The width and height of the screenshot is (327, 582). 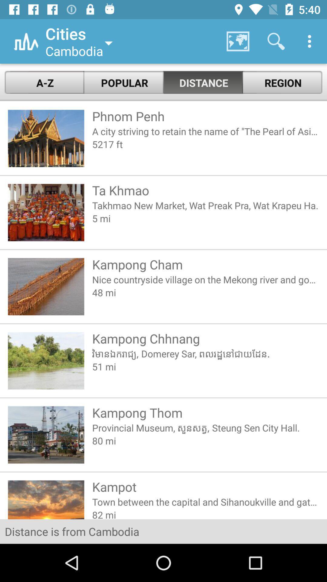 What do you see at coordinates (203, 82) in the screenshot?
I see `the button which is to the left side of the region` at bounding box center [203, 82].